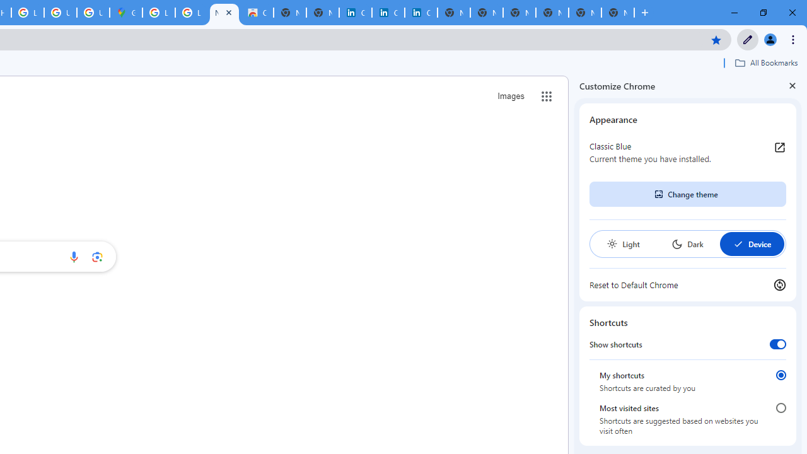  What do you see at coordinates (687, 194) in the screenshot?
I see `'Change theme'` at bounding box center [687, 194].